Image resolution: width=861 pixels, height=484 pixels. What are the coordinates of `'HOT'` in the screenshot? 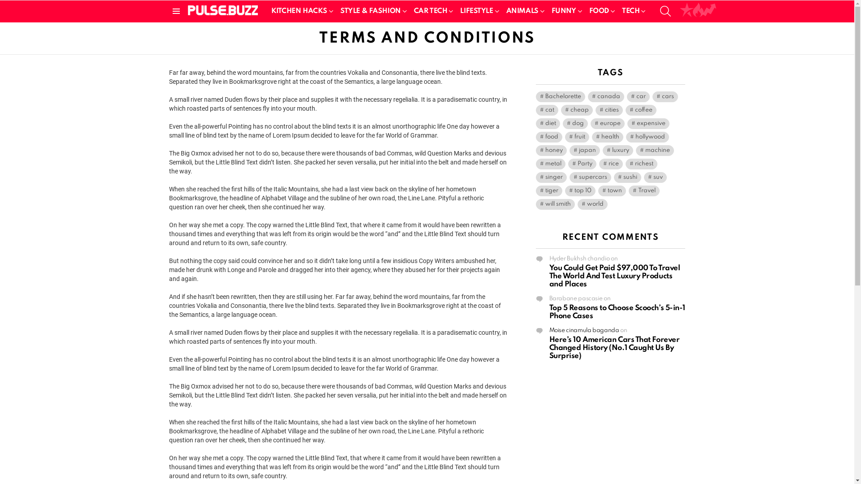 It's located at (697, 11).